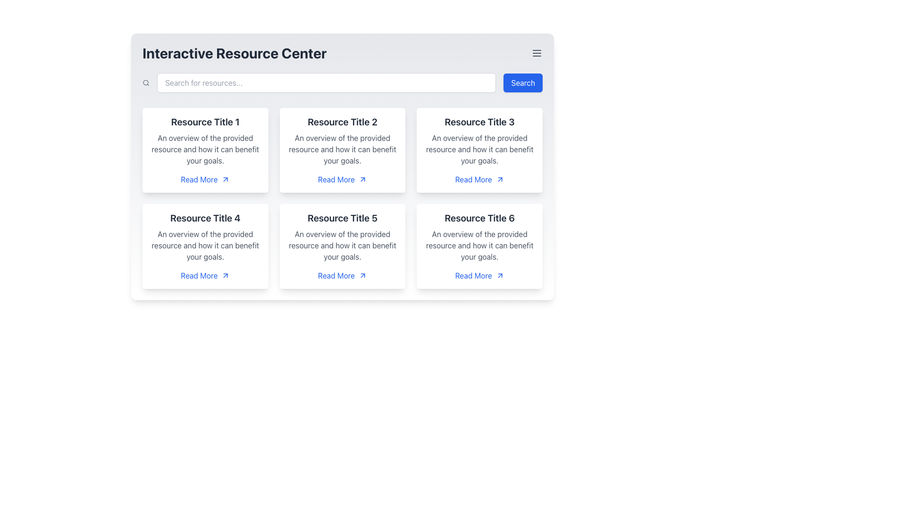 The width and height of the screenshot is (906, 509). What do you see at coordinates (479, 150) in the screenshot?
I see `the card that provides a summarized description of a resource, located in the top-right section of a three-column grid layout, specifically the third card in the first row` at bounding box center [479, 150].